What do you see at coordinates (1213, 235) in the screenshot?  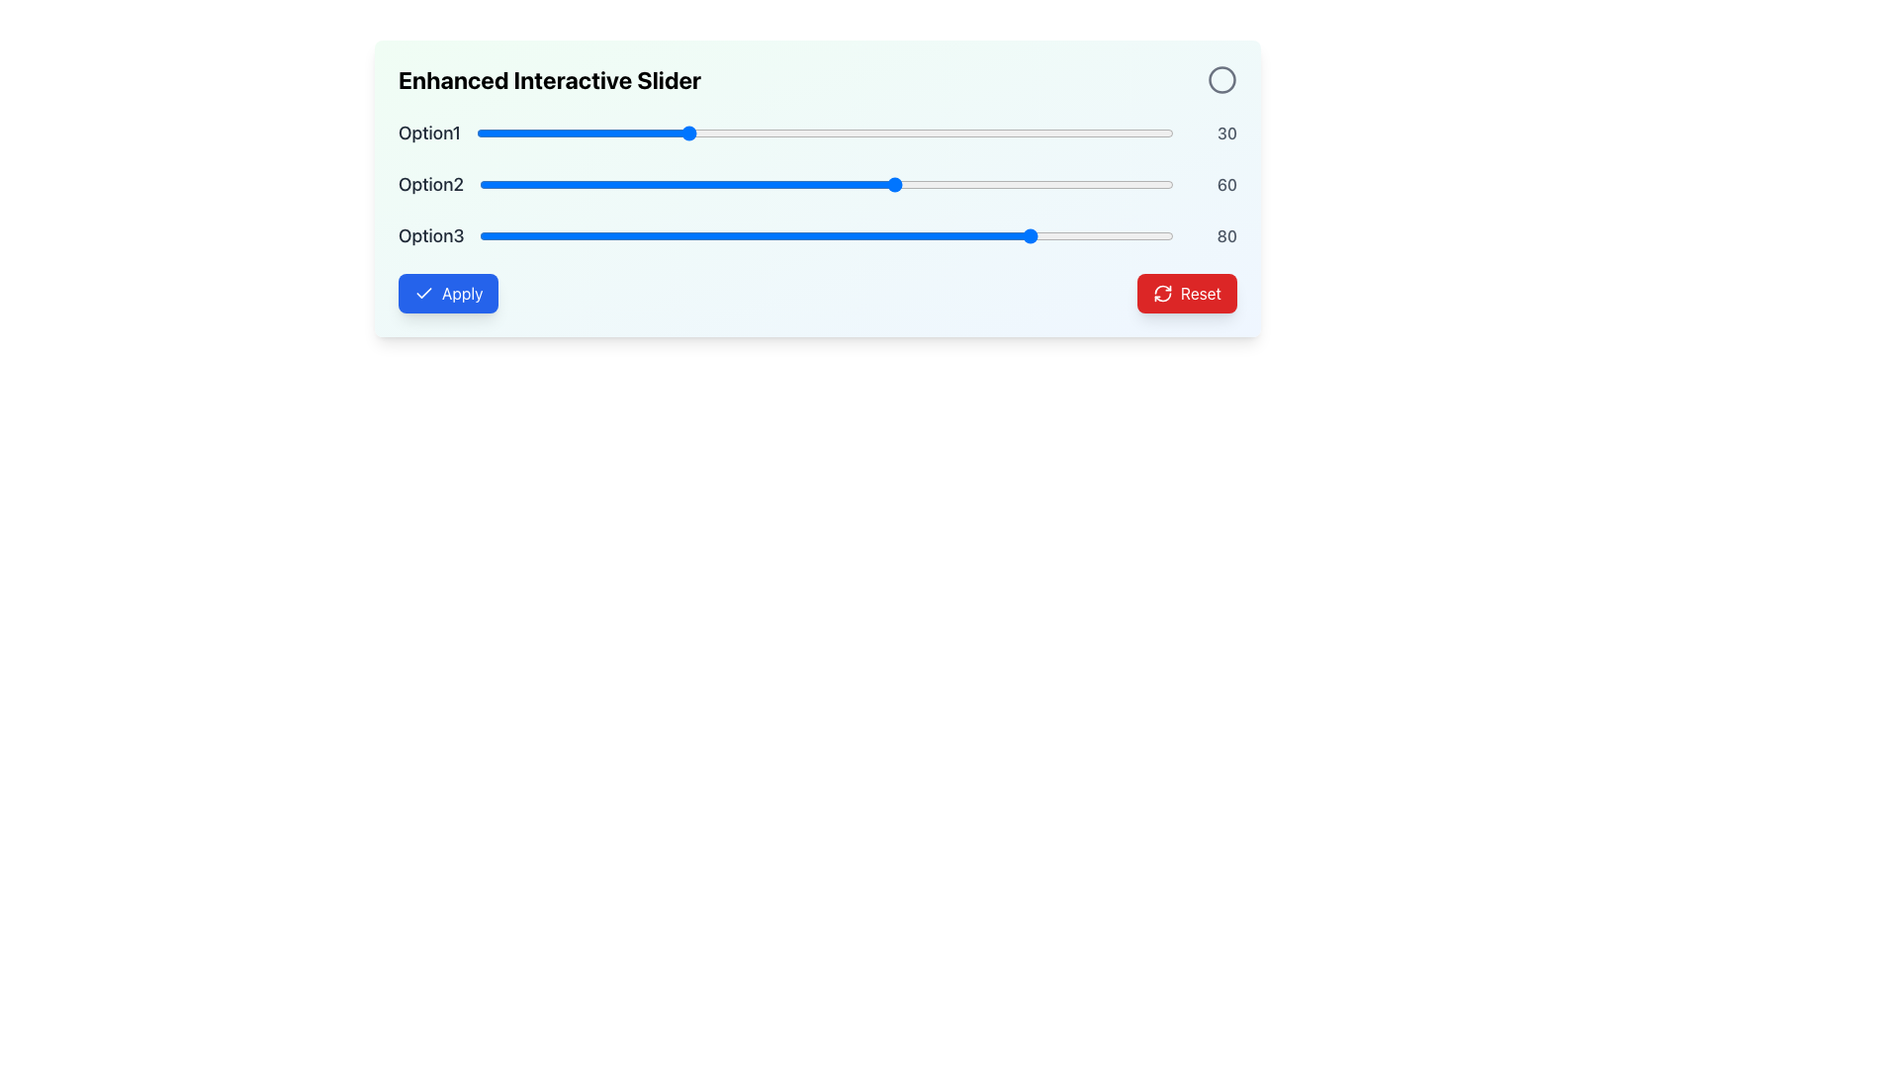 I see `the Text Label that displays the current value of the associated slider 'Option3', located in the bottom right corner of the interface` at bounding box center [1213, 235].